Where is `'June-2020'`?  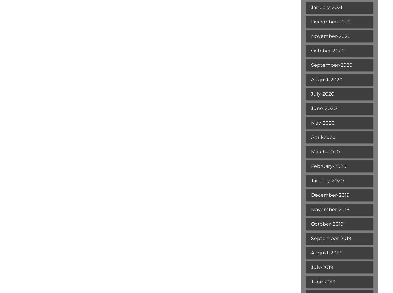
'June-2020' is located at coordinates (323, 108).